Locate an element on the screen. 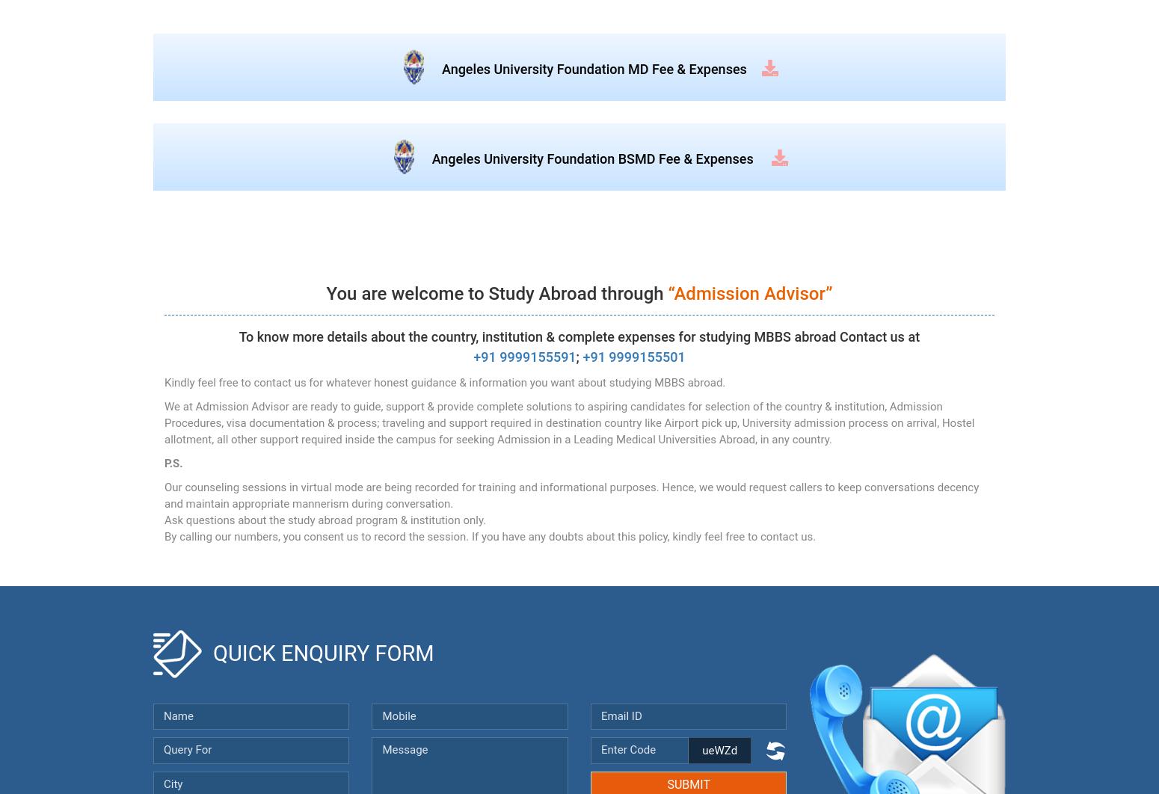  'Our counseling sessions in virtual mode are being recorded for training and informational purposes. Hence, we would request callers to keep conversations decency and maintain appropriate mannerism during conversation.' is located at coordinates (163, 496).